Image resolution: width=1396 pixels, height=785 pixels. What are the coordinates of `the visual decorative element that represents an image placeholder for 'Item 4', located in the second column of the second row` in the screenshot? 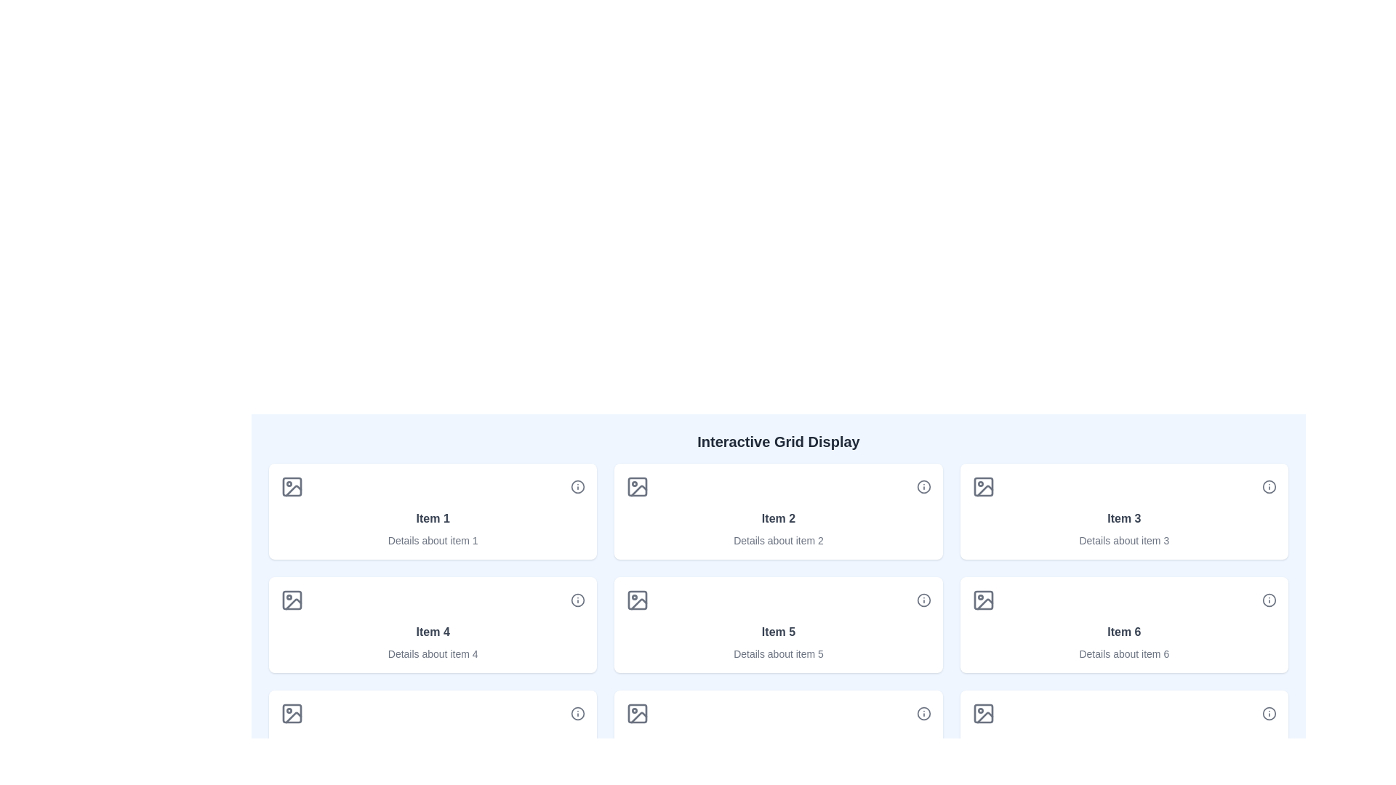 It's located at (292, 600).